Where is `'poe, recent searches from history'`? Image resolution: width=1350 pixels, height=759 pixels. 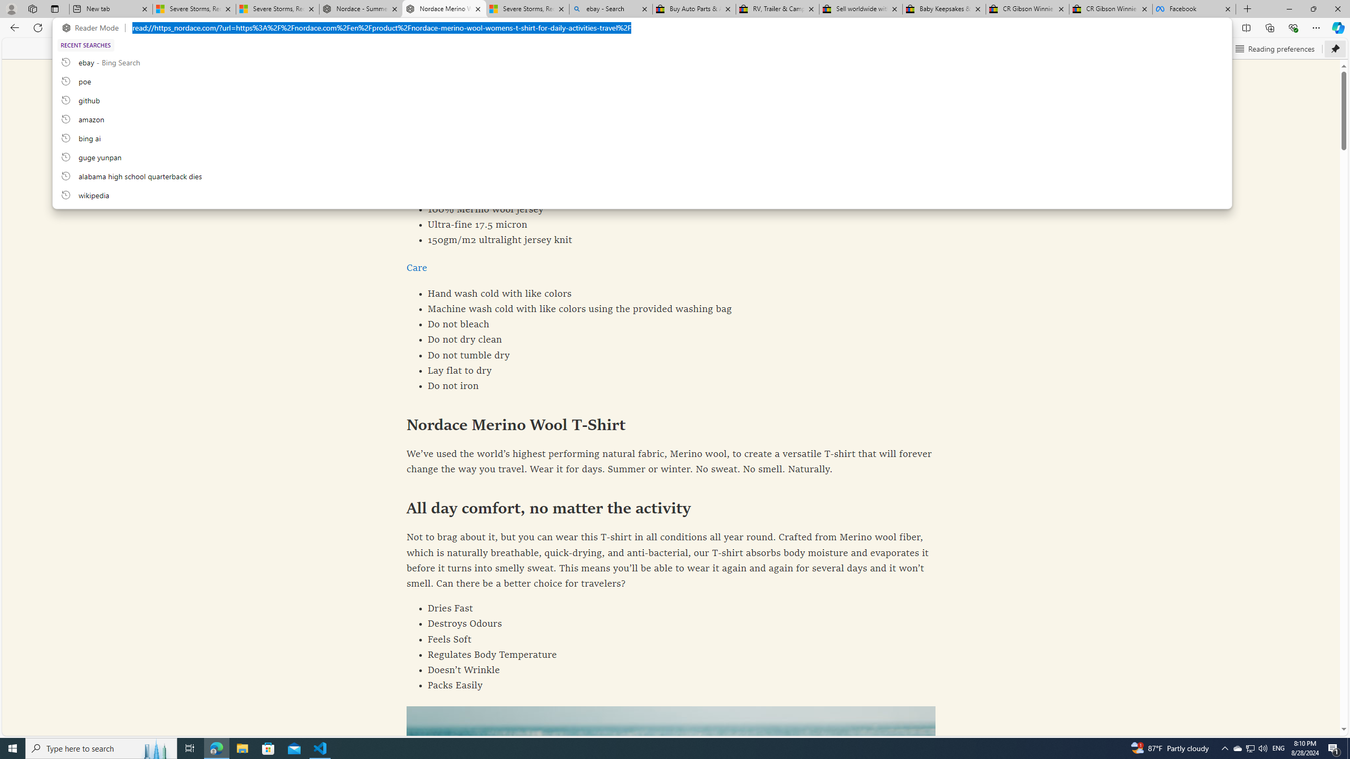 'poe, recent searches from history' is located at coordinates (641, 81).